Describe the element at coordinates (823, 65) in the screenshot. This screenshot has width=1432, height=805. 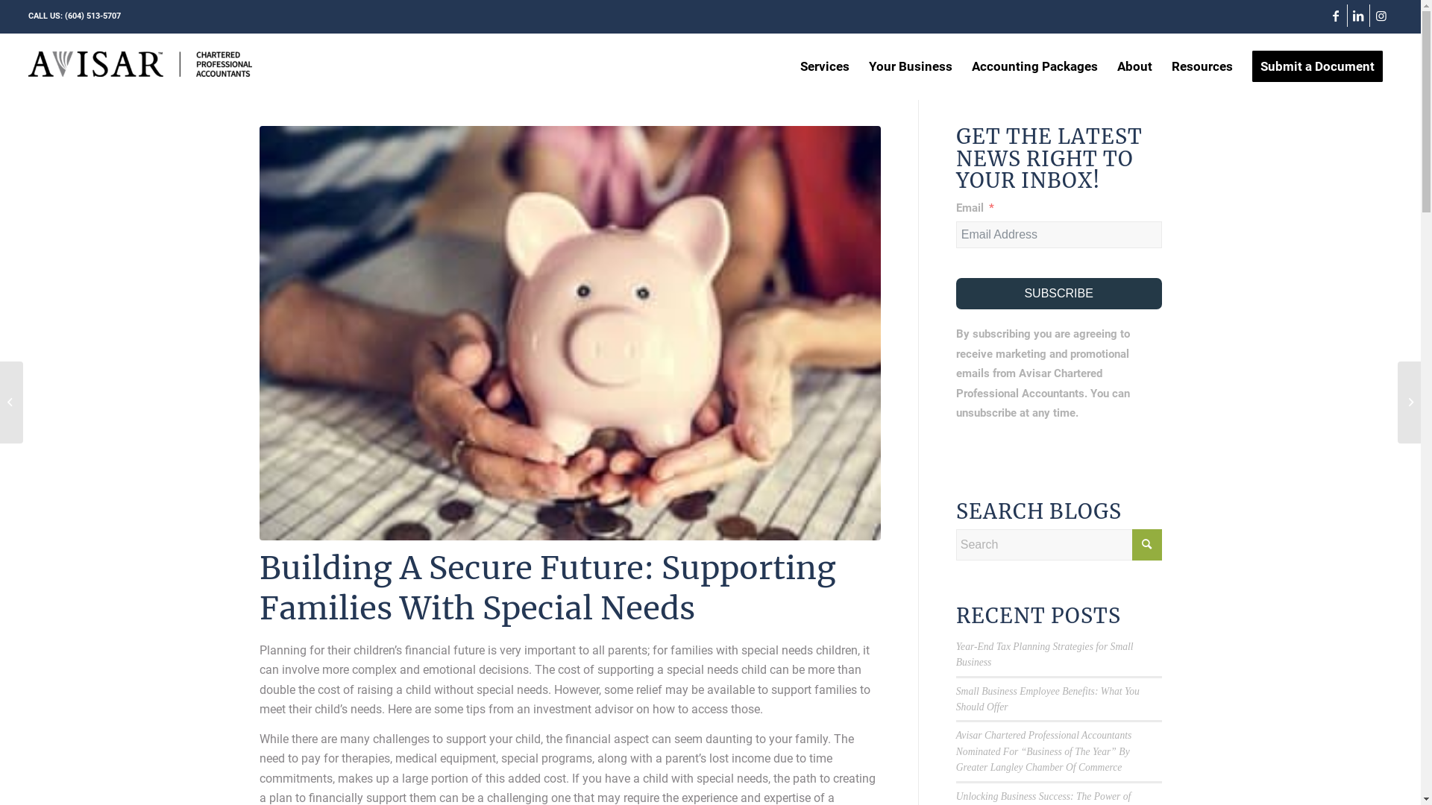
I see `'Services'` at that location.